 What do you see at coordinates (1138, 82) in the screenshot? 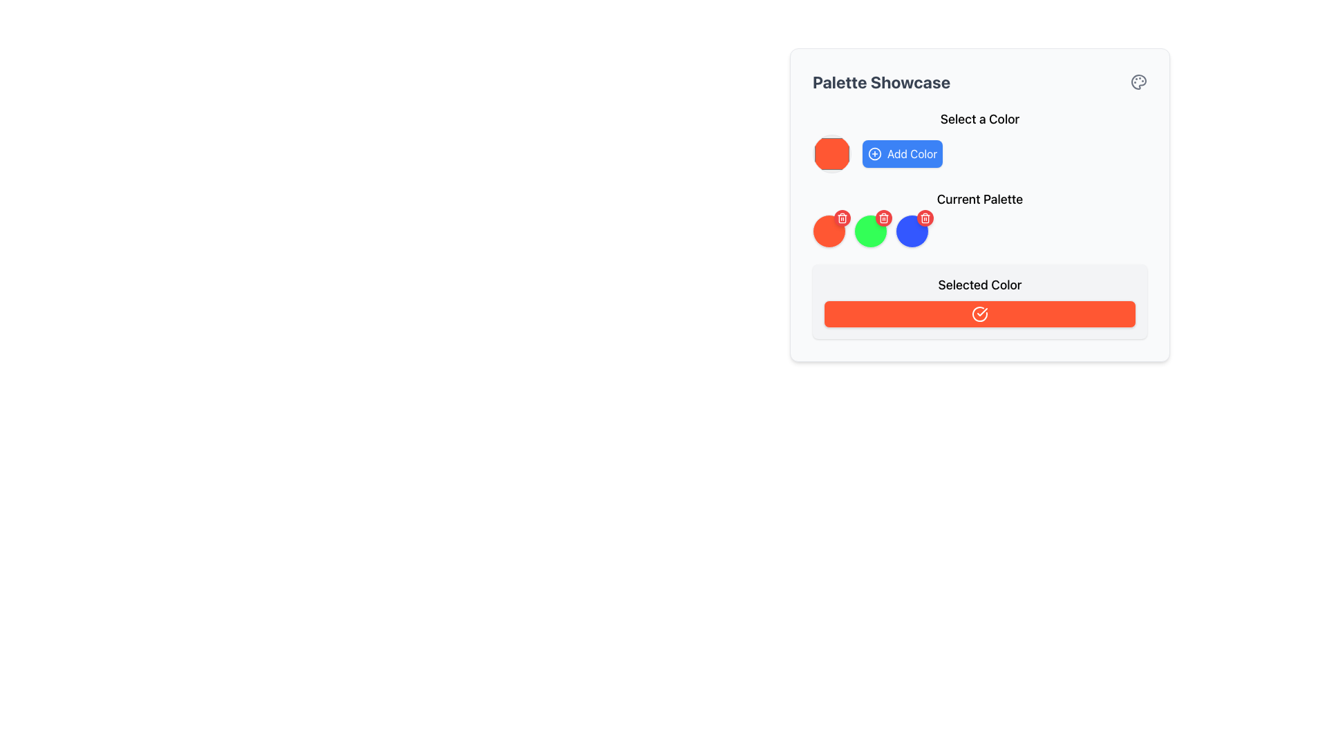
I see `the small painter's palette icon located to the far right of the 'Palette Showcase' header` at bounding box center [1138, 82].